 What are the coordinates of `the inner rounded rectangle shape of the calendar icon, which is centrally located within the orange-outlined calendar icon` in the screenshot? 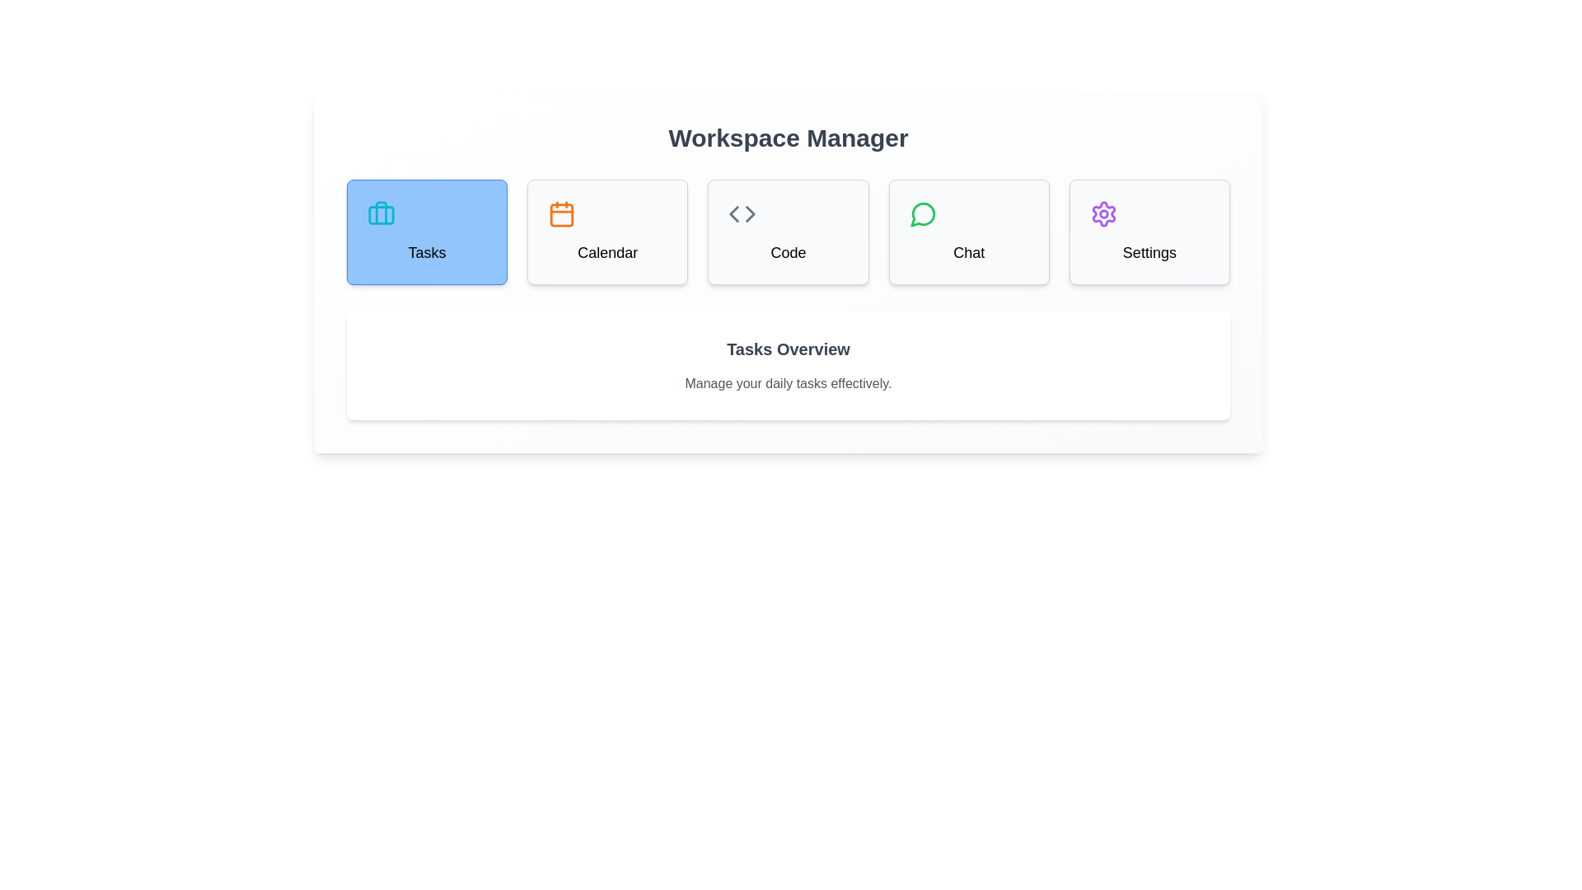 It's located at (562, 214).